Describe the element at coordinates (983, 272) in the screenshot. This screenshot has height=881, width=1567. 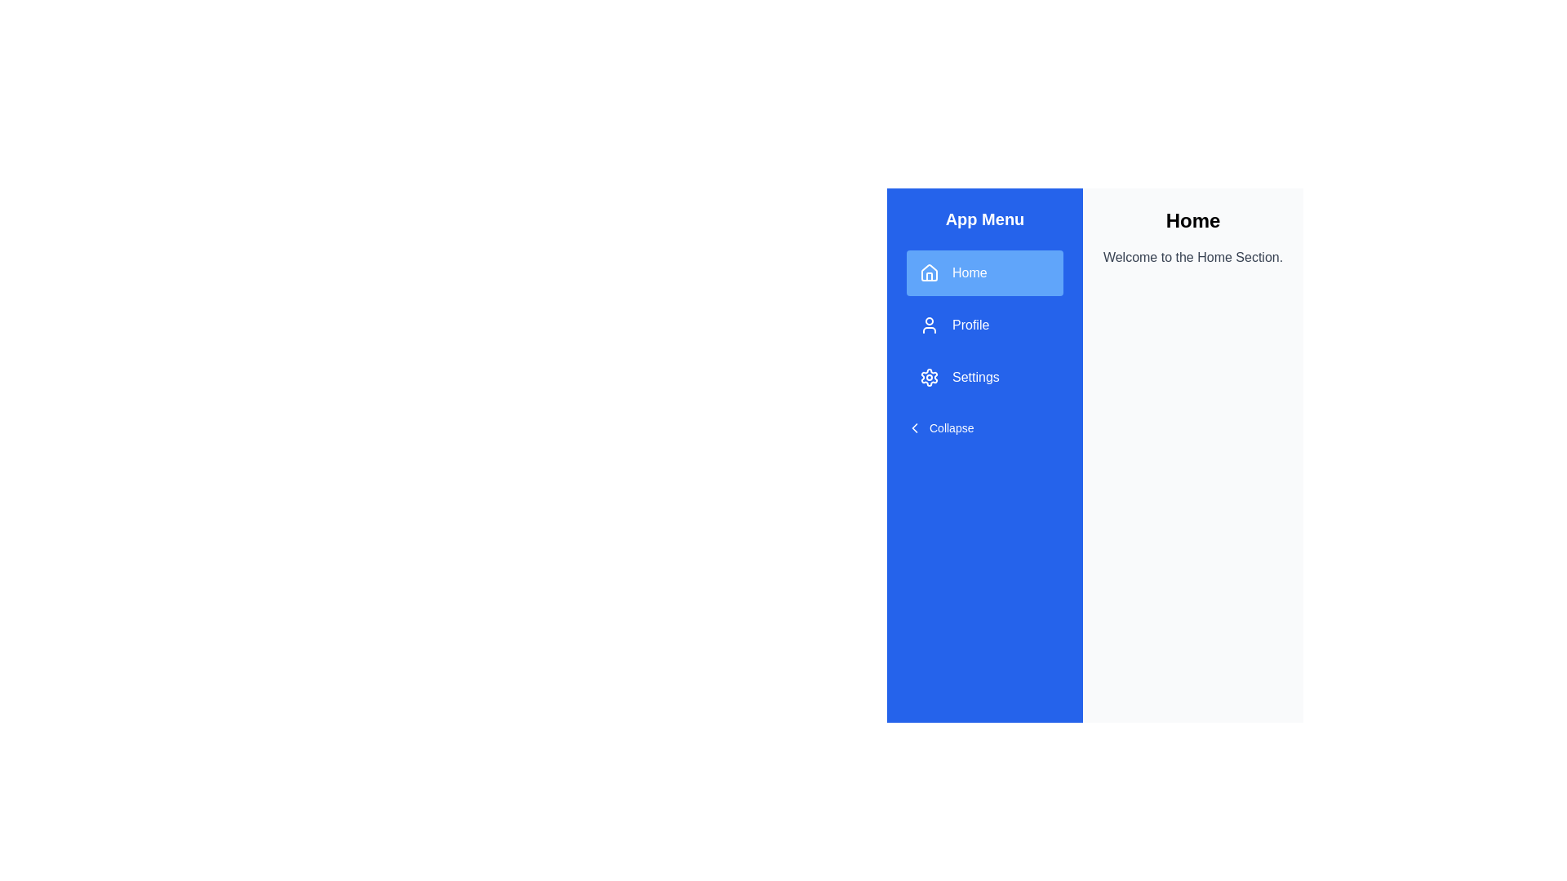
I see `the Home button to navigate to the corresponding section` at that location.